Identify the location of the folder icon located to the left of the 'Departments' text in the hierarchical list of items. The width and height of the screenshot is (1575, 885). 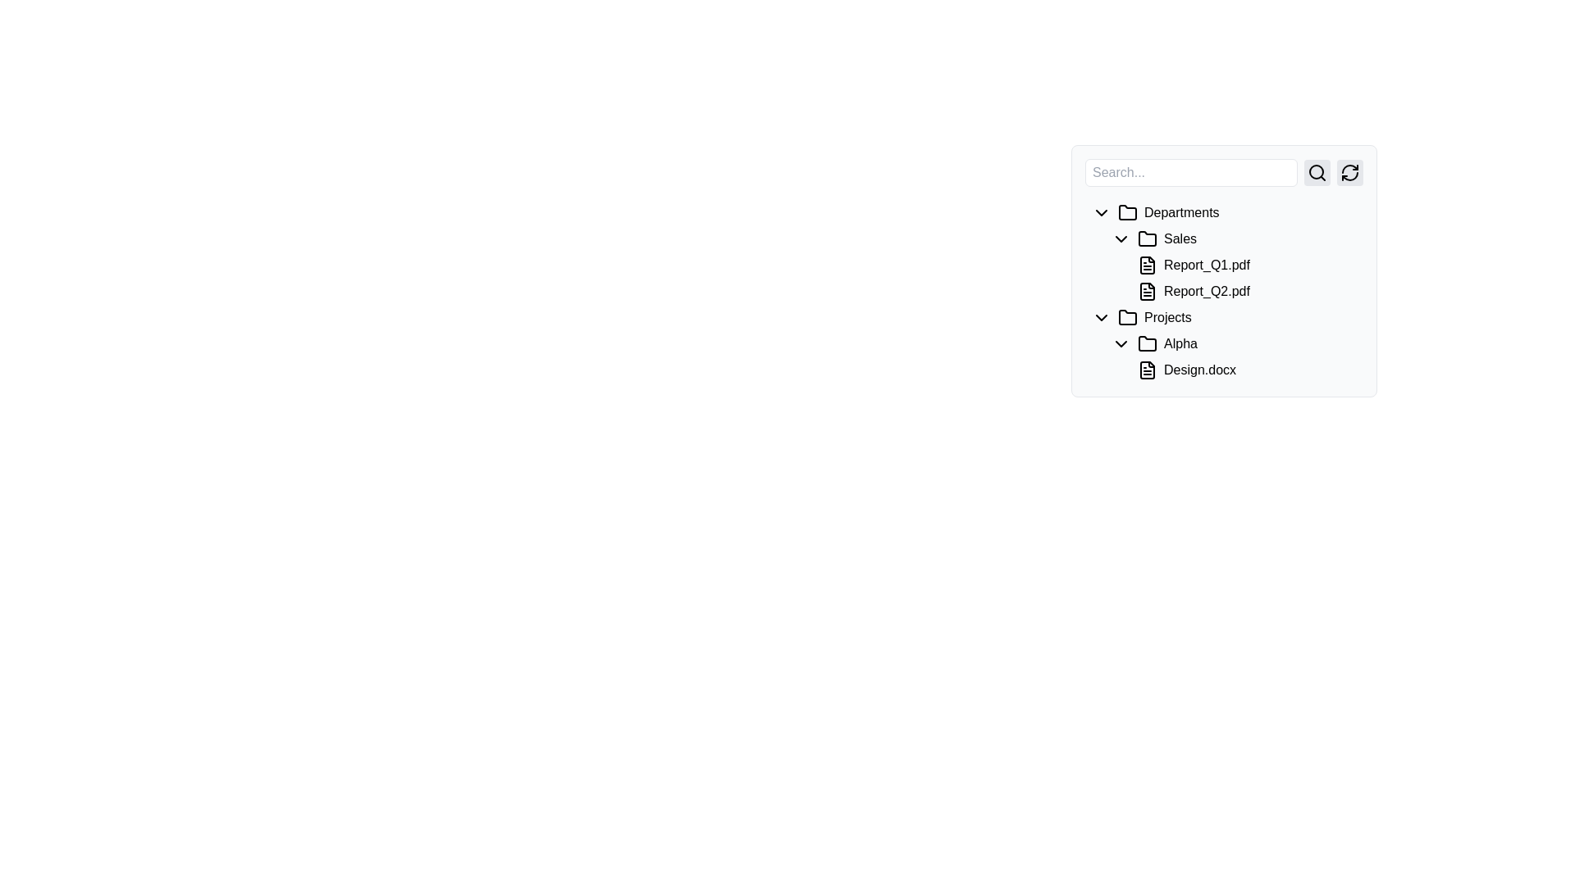
(1126, 211).